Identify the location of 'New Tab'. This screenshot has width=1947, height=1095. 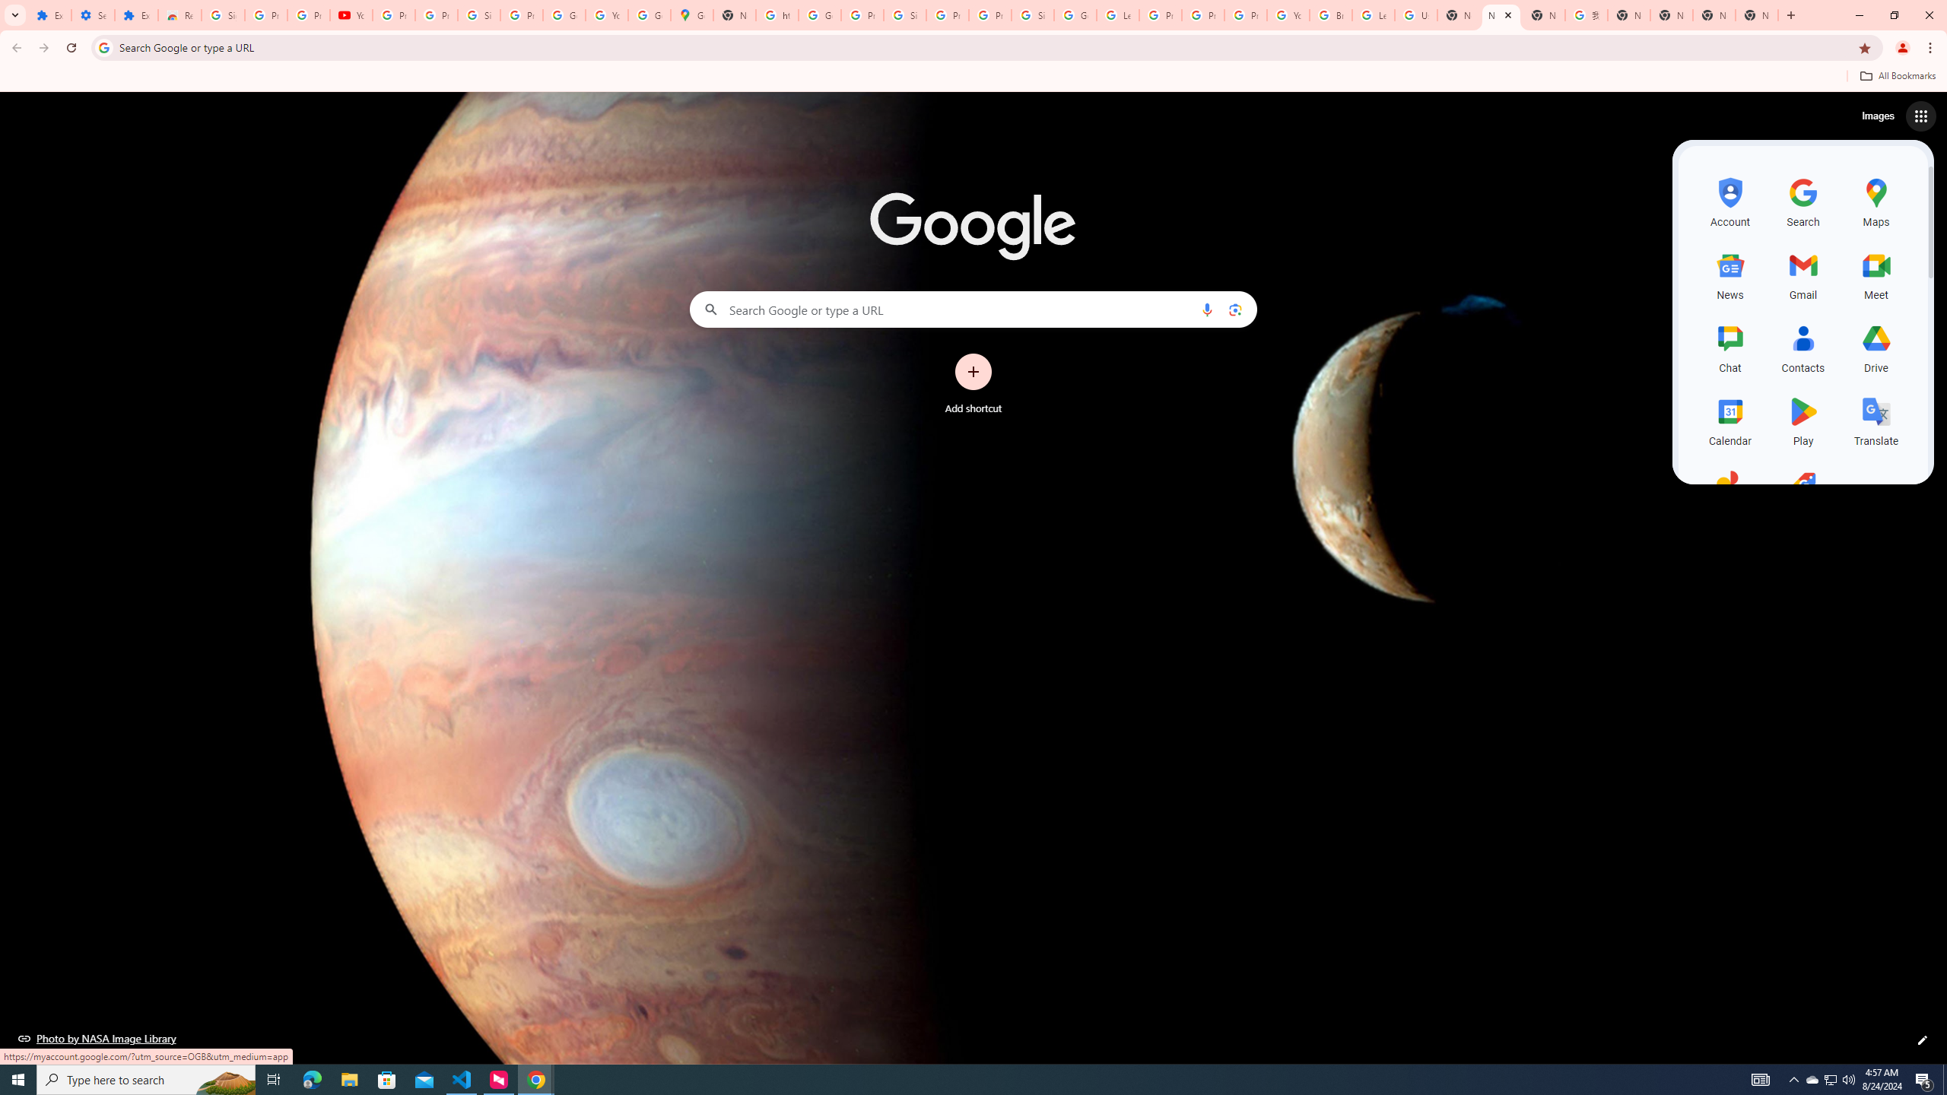
(1757, 14).